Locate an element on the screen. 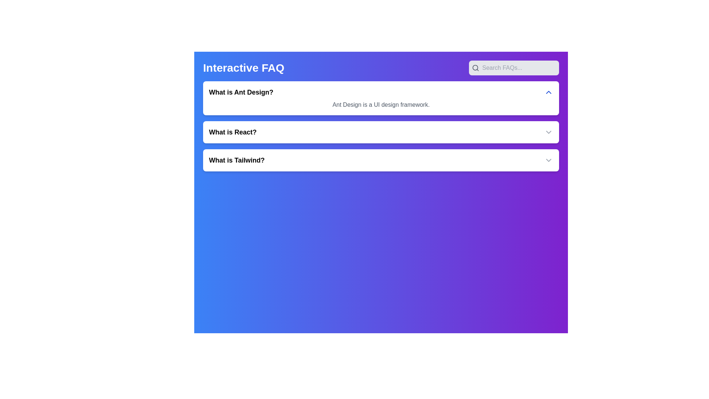  the collapsible section header for the question 'What is Tailwind?' located centrally in the FAQ section for keyboard navigation is located at coordinates (381, 160).